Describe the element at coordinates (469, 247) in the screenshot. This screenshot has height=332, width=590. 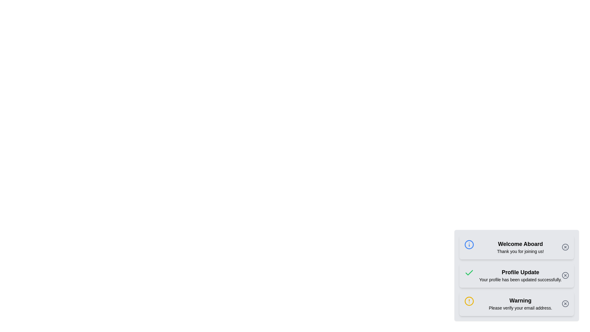
I see `the blue circular icon with a white information symbol located at the top-left corner of the 'Welcome Aboard' notification card, which precedes the textual content` at that location.